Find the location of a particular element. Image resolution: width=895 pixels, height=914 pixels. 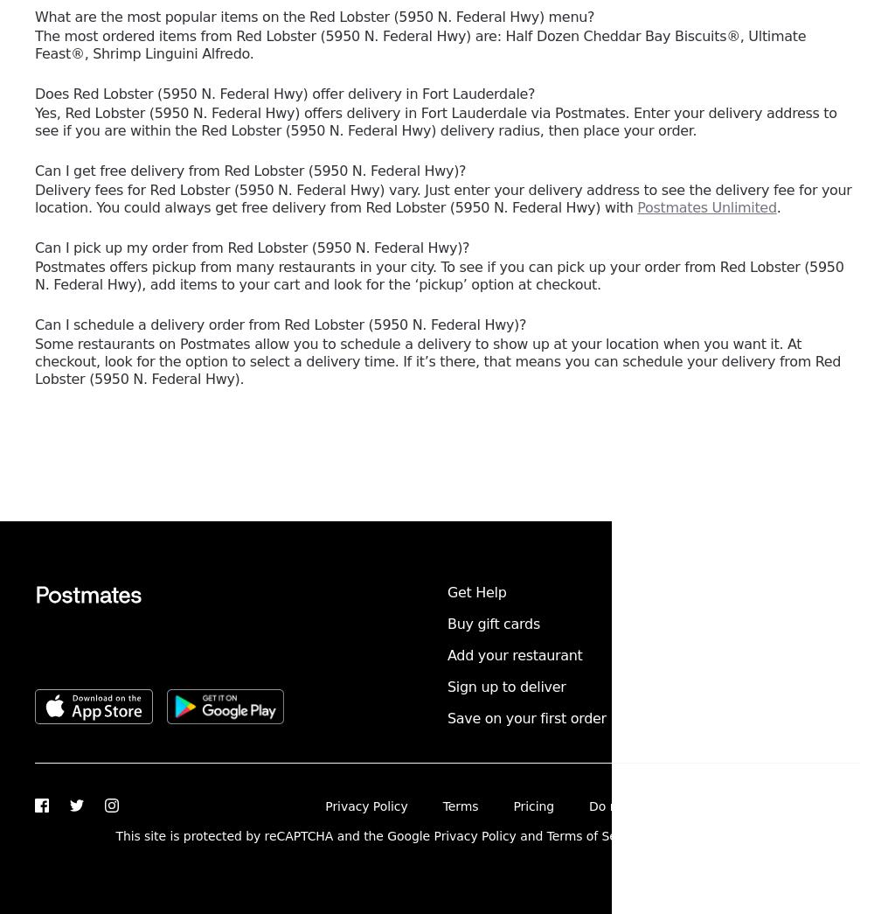

'Pickup near me' is located at coordinates (653, 654).